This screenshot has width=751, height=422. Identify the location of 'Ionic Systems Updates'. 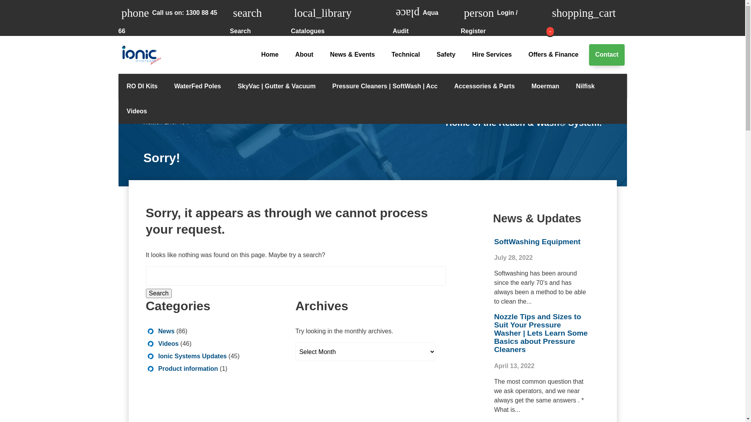
(192, 356).